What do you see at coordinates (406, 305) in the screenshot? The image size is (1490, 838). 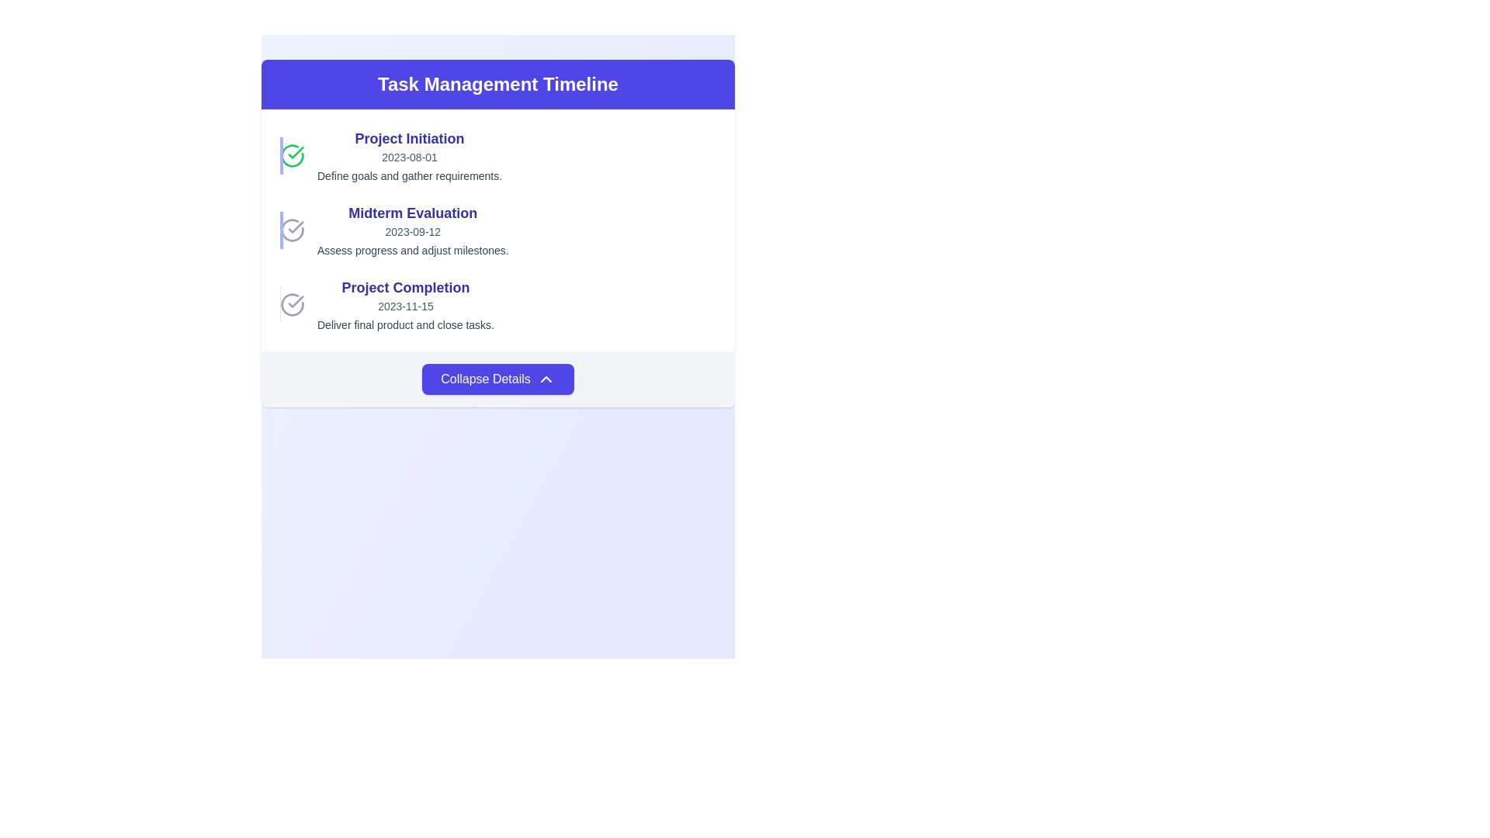 I see `the 'Project Completion' text block located between 'Midterm Evaluation' and 'Collapse Details' in the 'Task Management Timeline' section` at bounding box center [406, 305].